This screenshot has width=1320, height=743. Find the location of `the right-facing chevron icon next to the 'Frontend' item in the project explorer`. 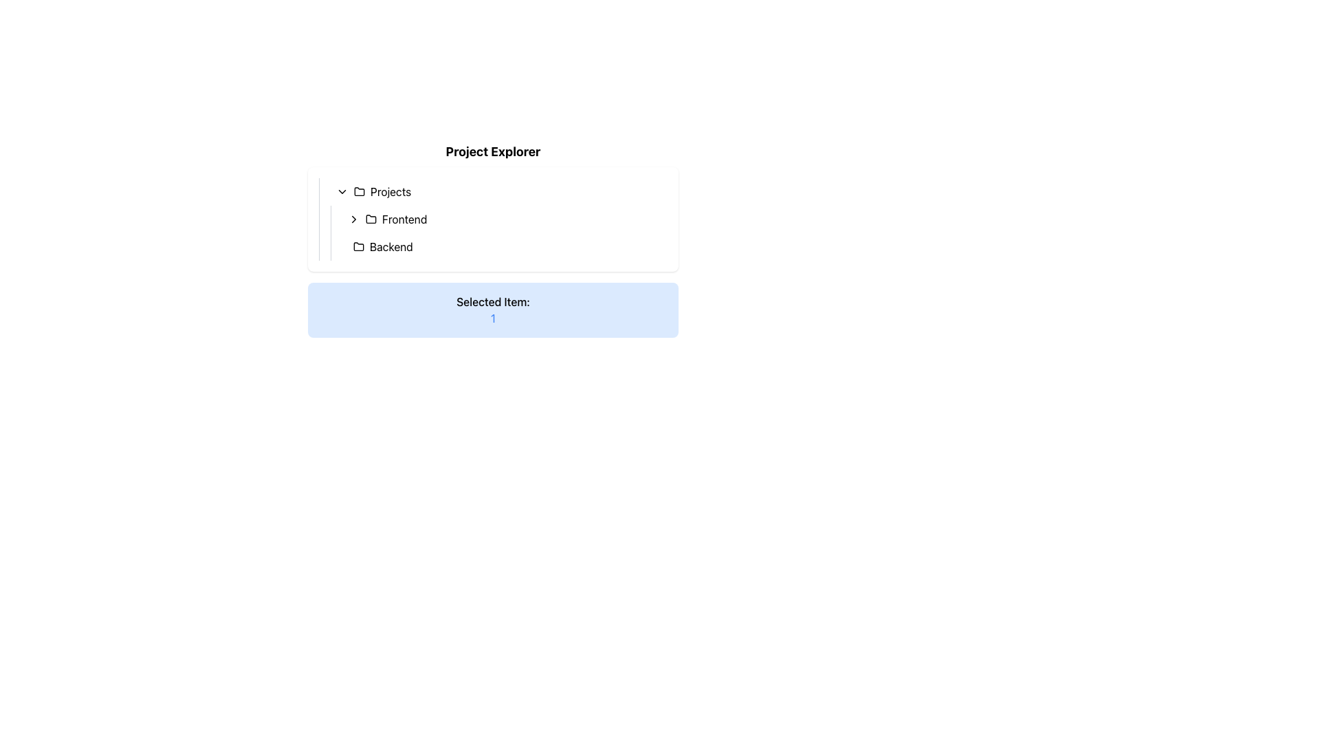

the right-facing chevron icon next to the 'Frontend' item in the project explorer is located at coordinates (353, 219).